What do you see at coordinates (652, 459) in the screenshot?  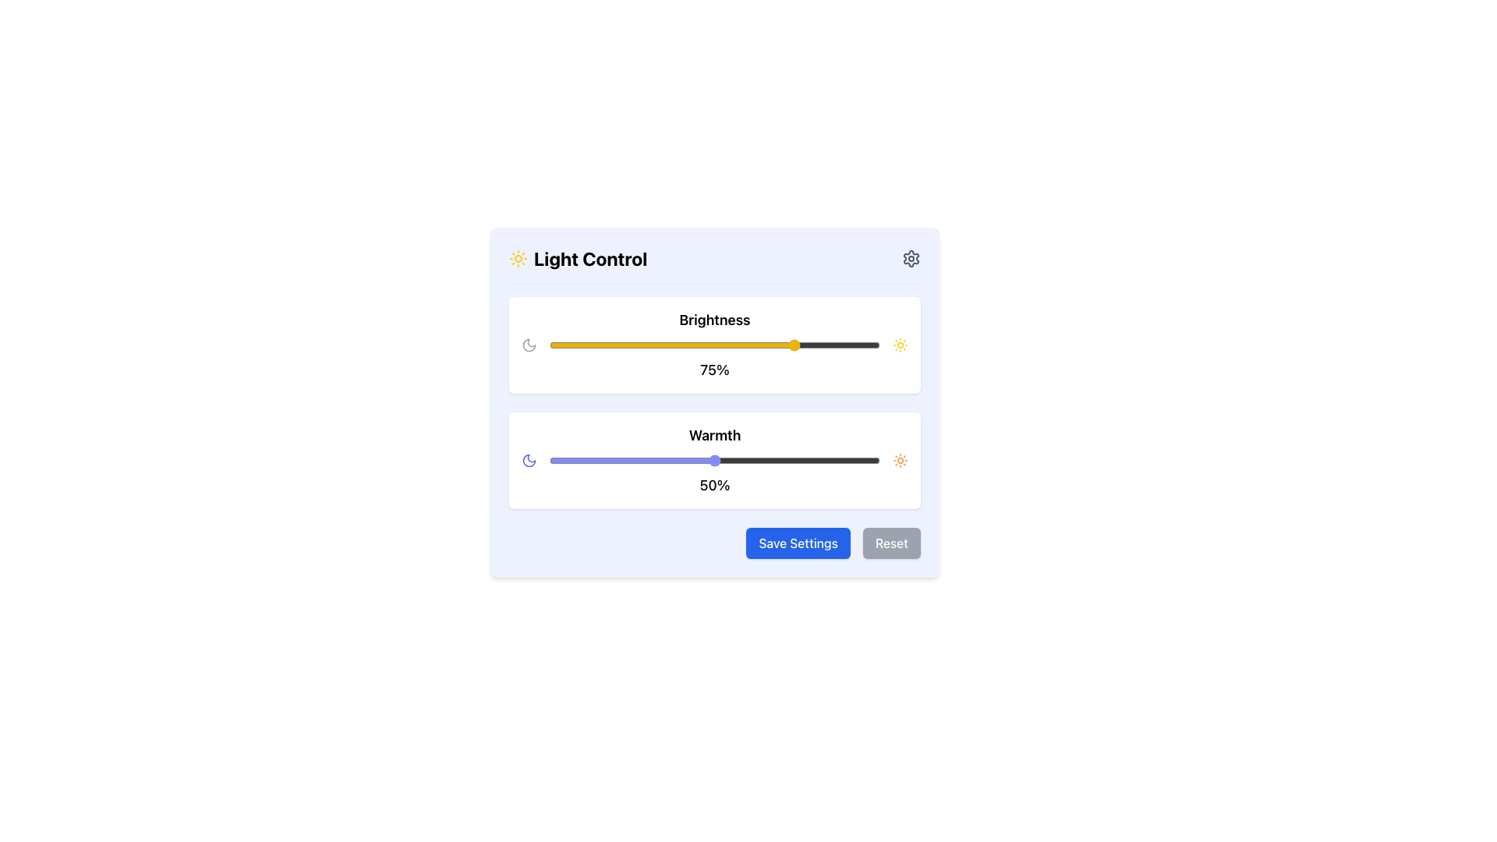 I see `the warmth level` at bounding box center [652, 459].